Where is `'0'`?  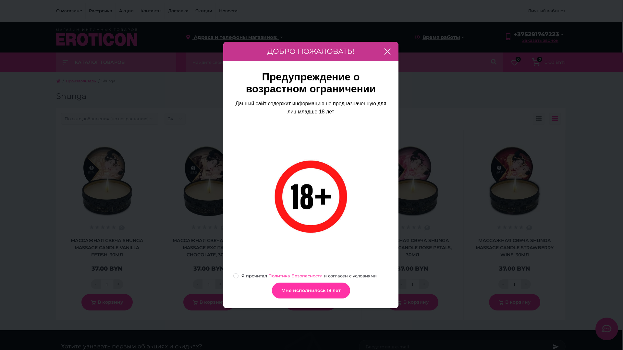 '0' is located at coordinates (514, 62).